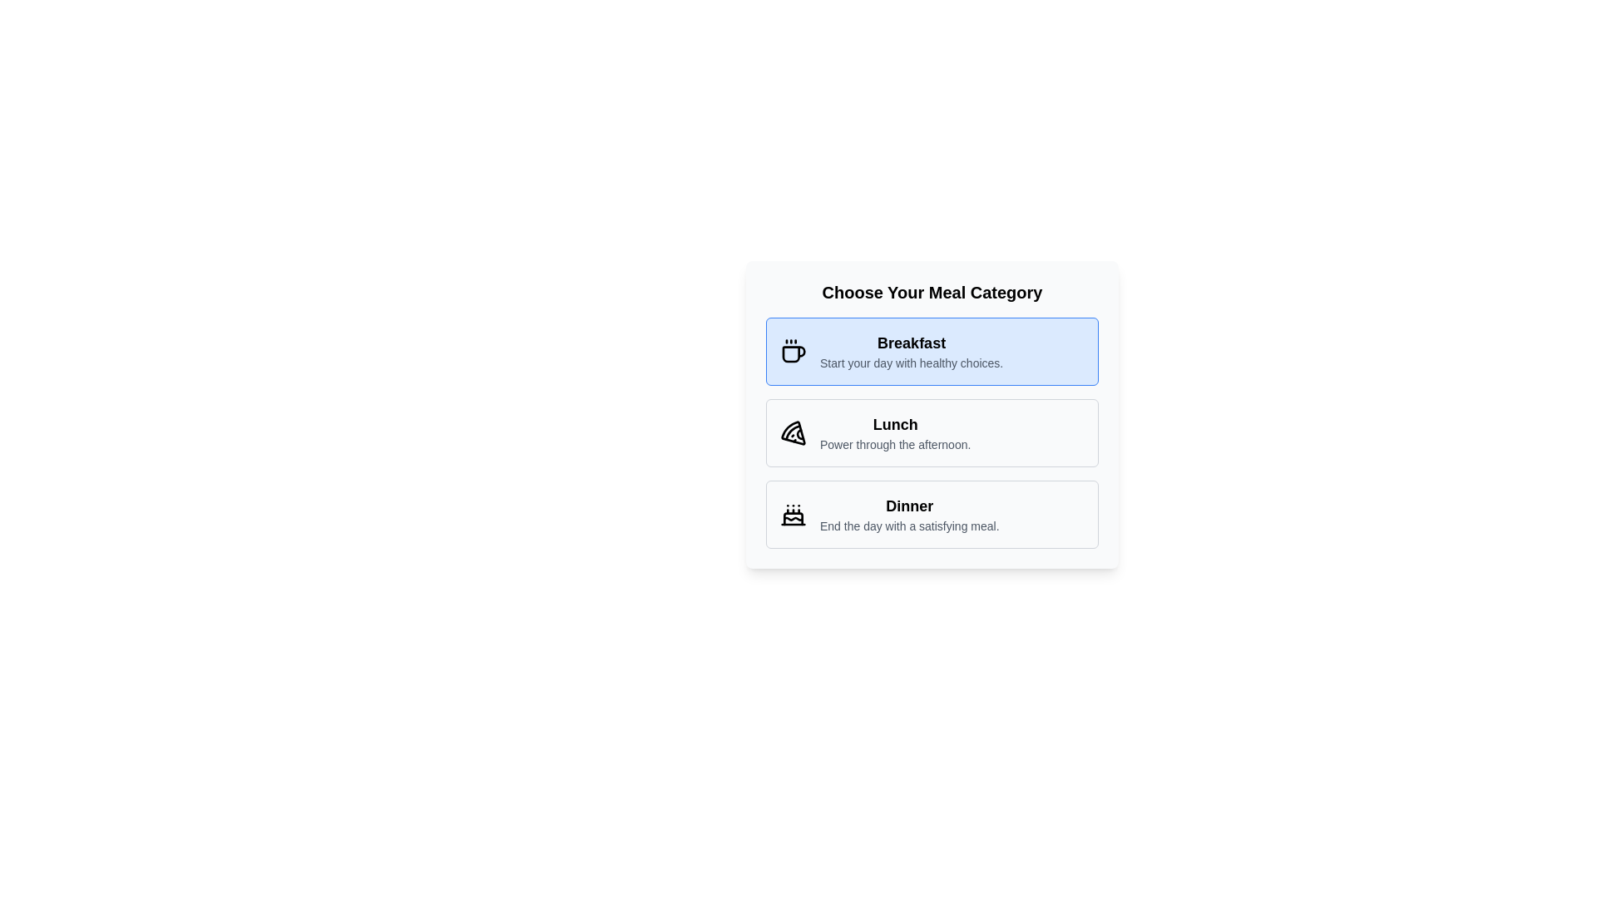 The height and width of the screenshot is (898, 1597). What do you see at coordinates (793, 432) in the screenshot?
I see `the pizza slice icon representing the 'Lunch' meal option, which is centrally located in the meal categories list between 'Breakfast' and 'Dinner'` at bounding box center [793, 432].